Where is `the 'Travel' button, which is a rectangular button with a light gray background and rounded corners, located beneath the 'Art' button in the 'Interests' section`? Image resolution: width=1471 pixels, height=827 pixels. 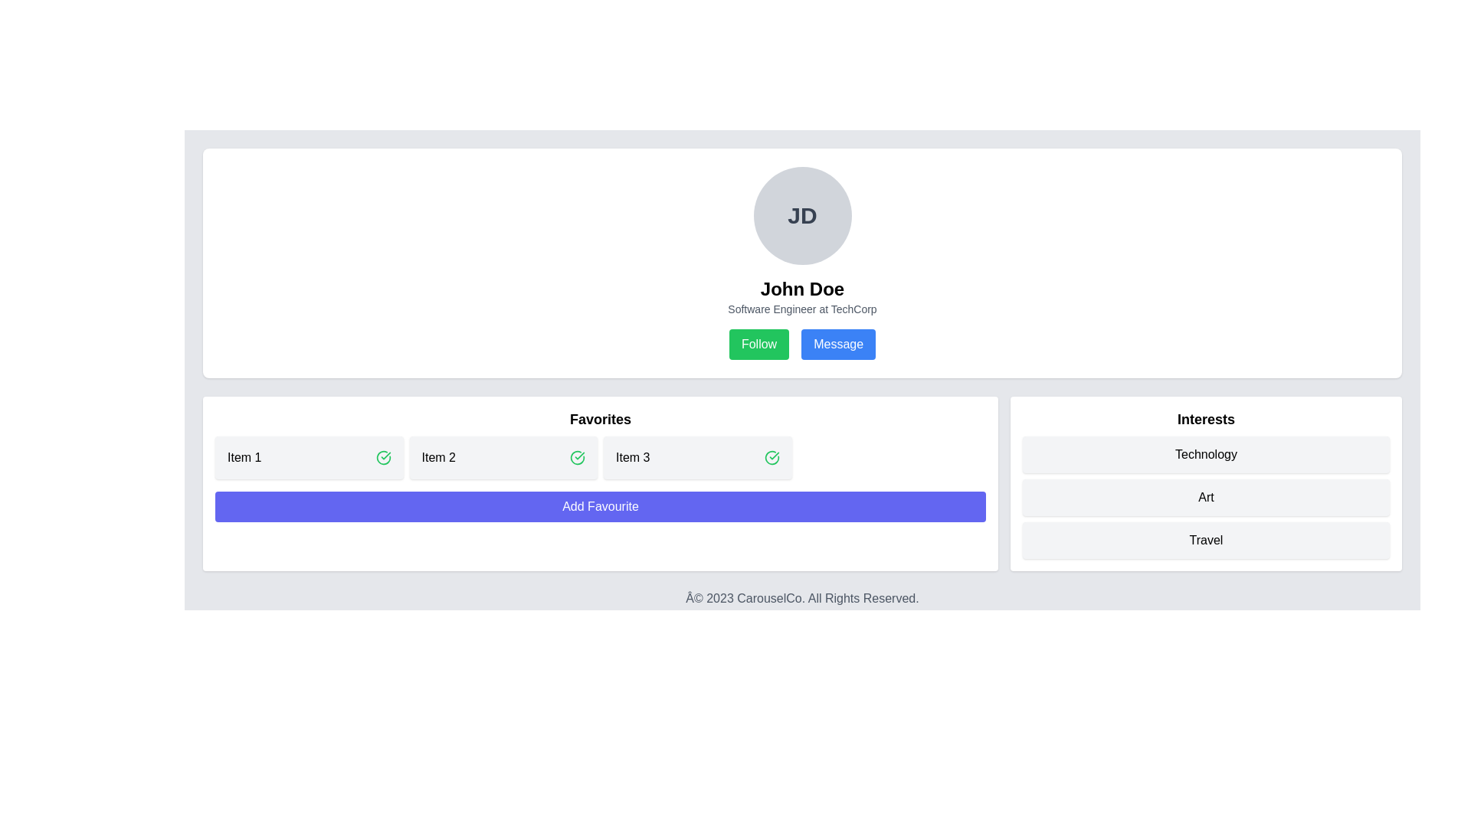 the 'Travel' button, which is a rectangular button with a light gray background and rounded corners, located beneath the 'Art' button in the 'Interests' section is located at coordinates (1205, 539).